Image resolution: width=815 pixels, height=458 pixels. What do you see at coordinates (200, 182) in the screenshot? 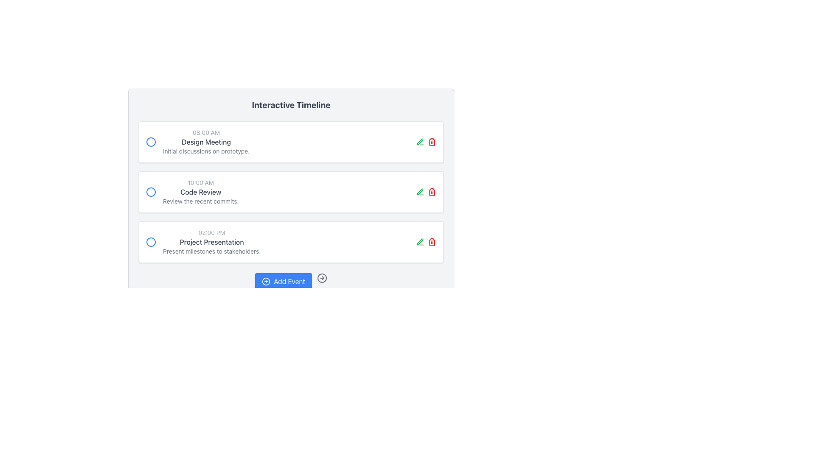
I see `the time label displaying '10:00 AM', which is styled in small gray text and positioned at the top of the 'Code Review' entry` at bounding box center [200, 182].